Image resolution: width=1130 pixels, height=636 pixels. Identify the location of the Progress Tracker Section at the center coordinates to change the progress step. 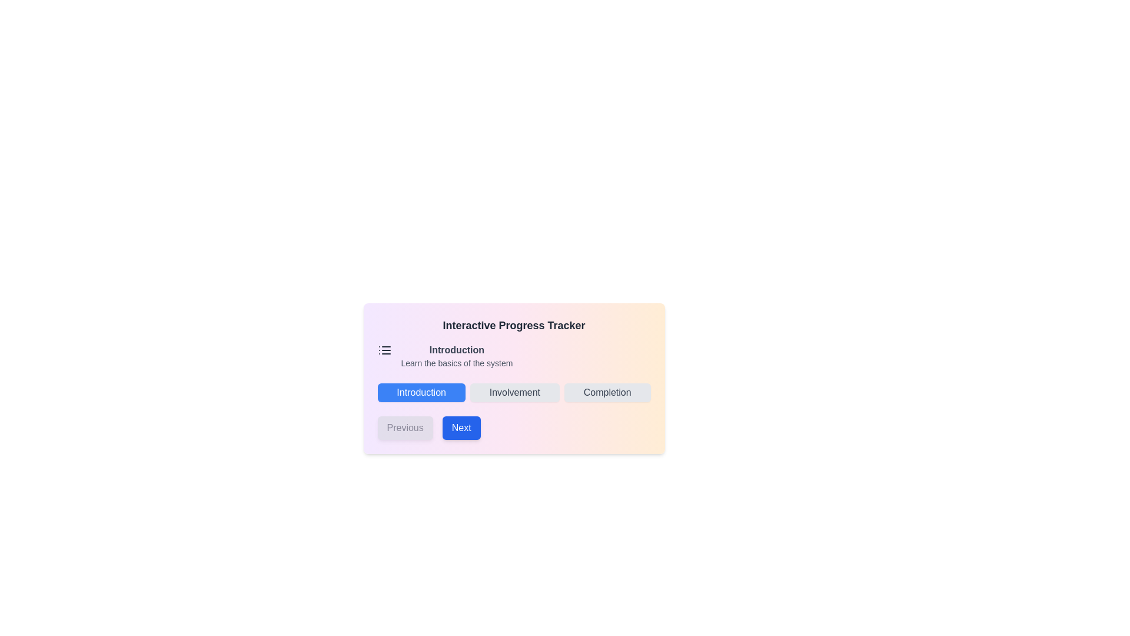
(514, 379).